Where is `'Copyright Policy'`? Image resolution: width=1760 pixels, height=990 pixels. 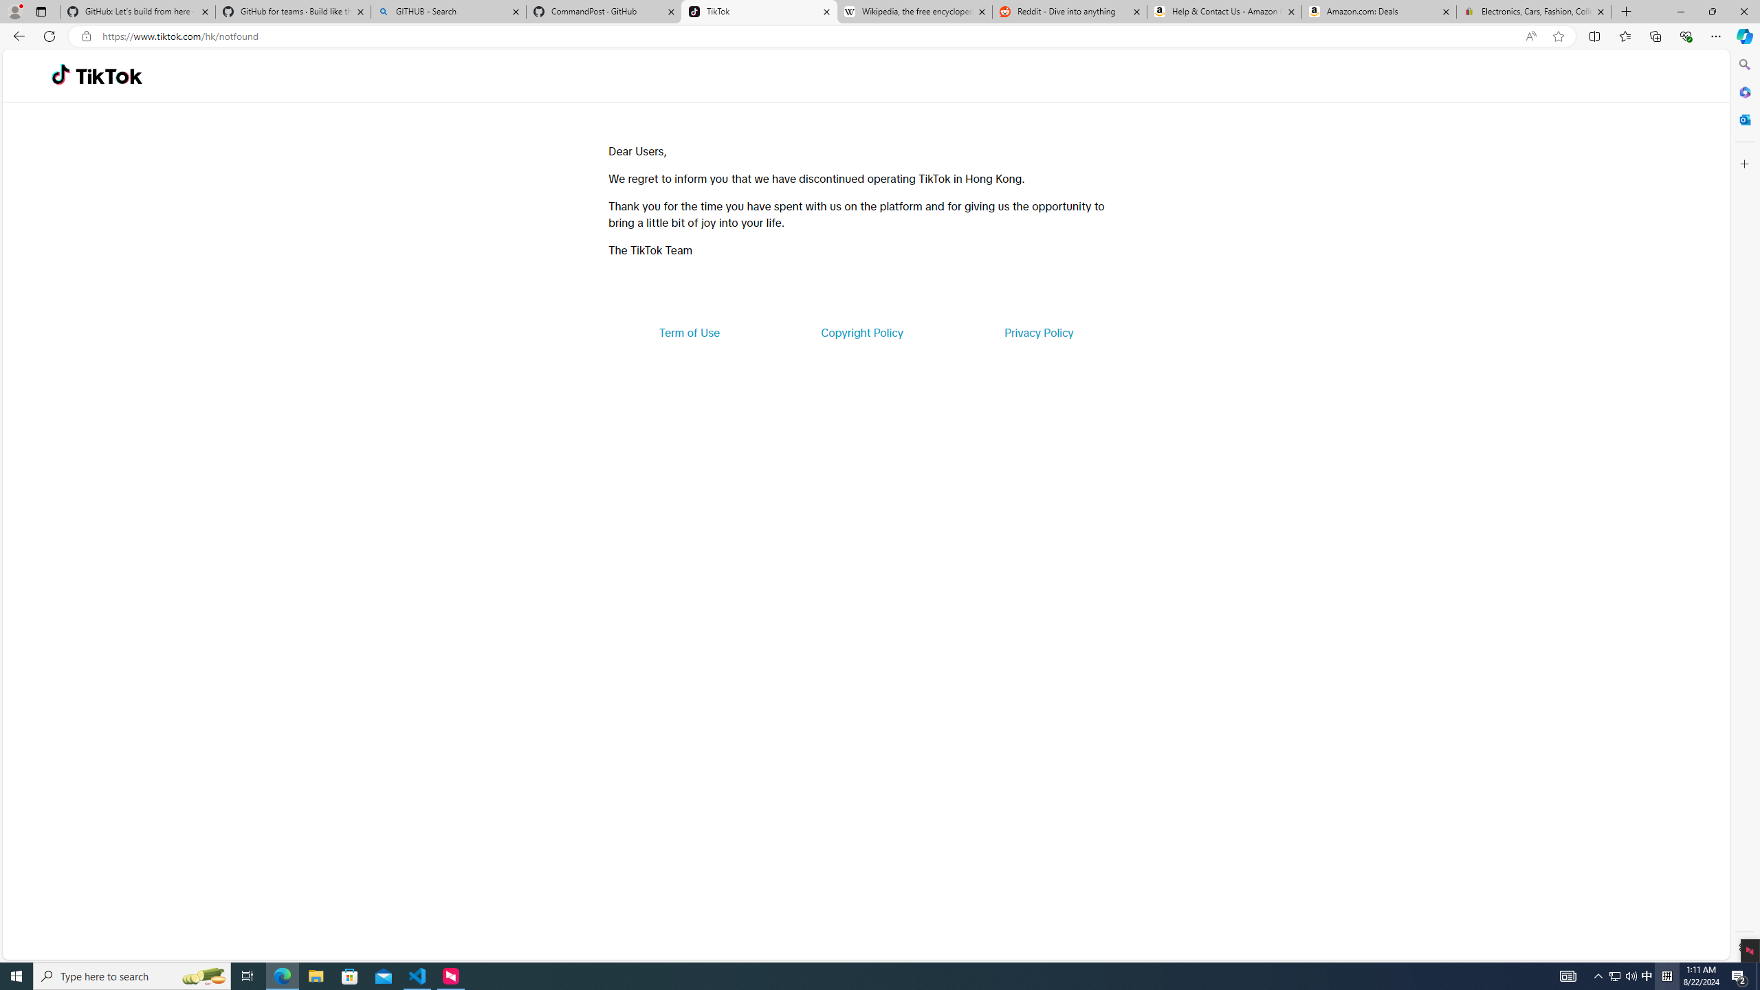
'Copyright Policy' is located at coordinates (861, 331).